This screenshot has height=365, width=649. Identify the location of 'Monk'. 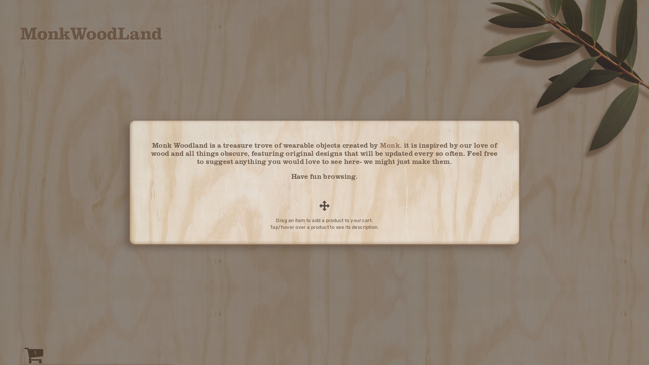
(390, 144).